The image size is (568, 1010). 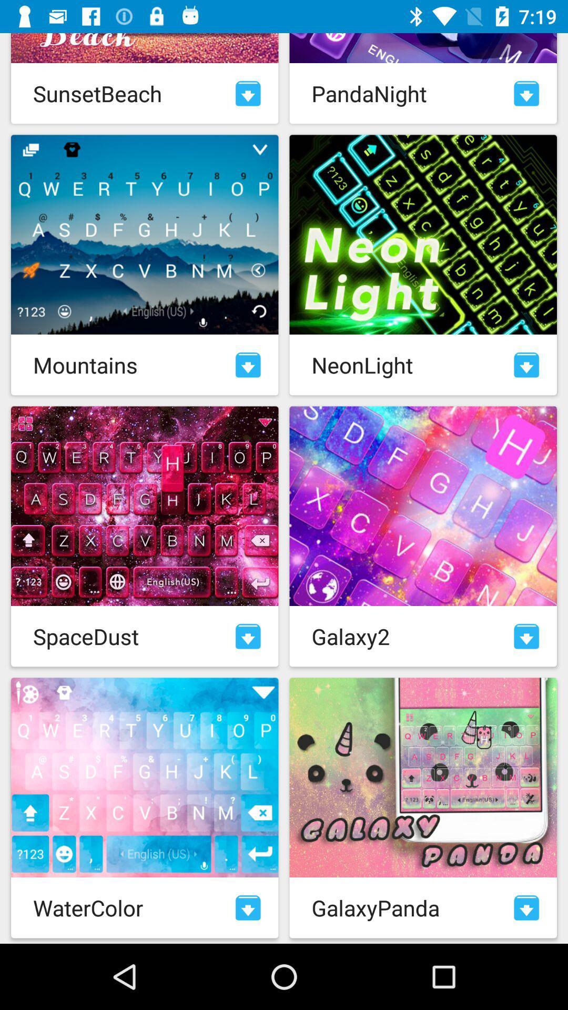 I want to click on option, so click(x=526, y=365).